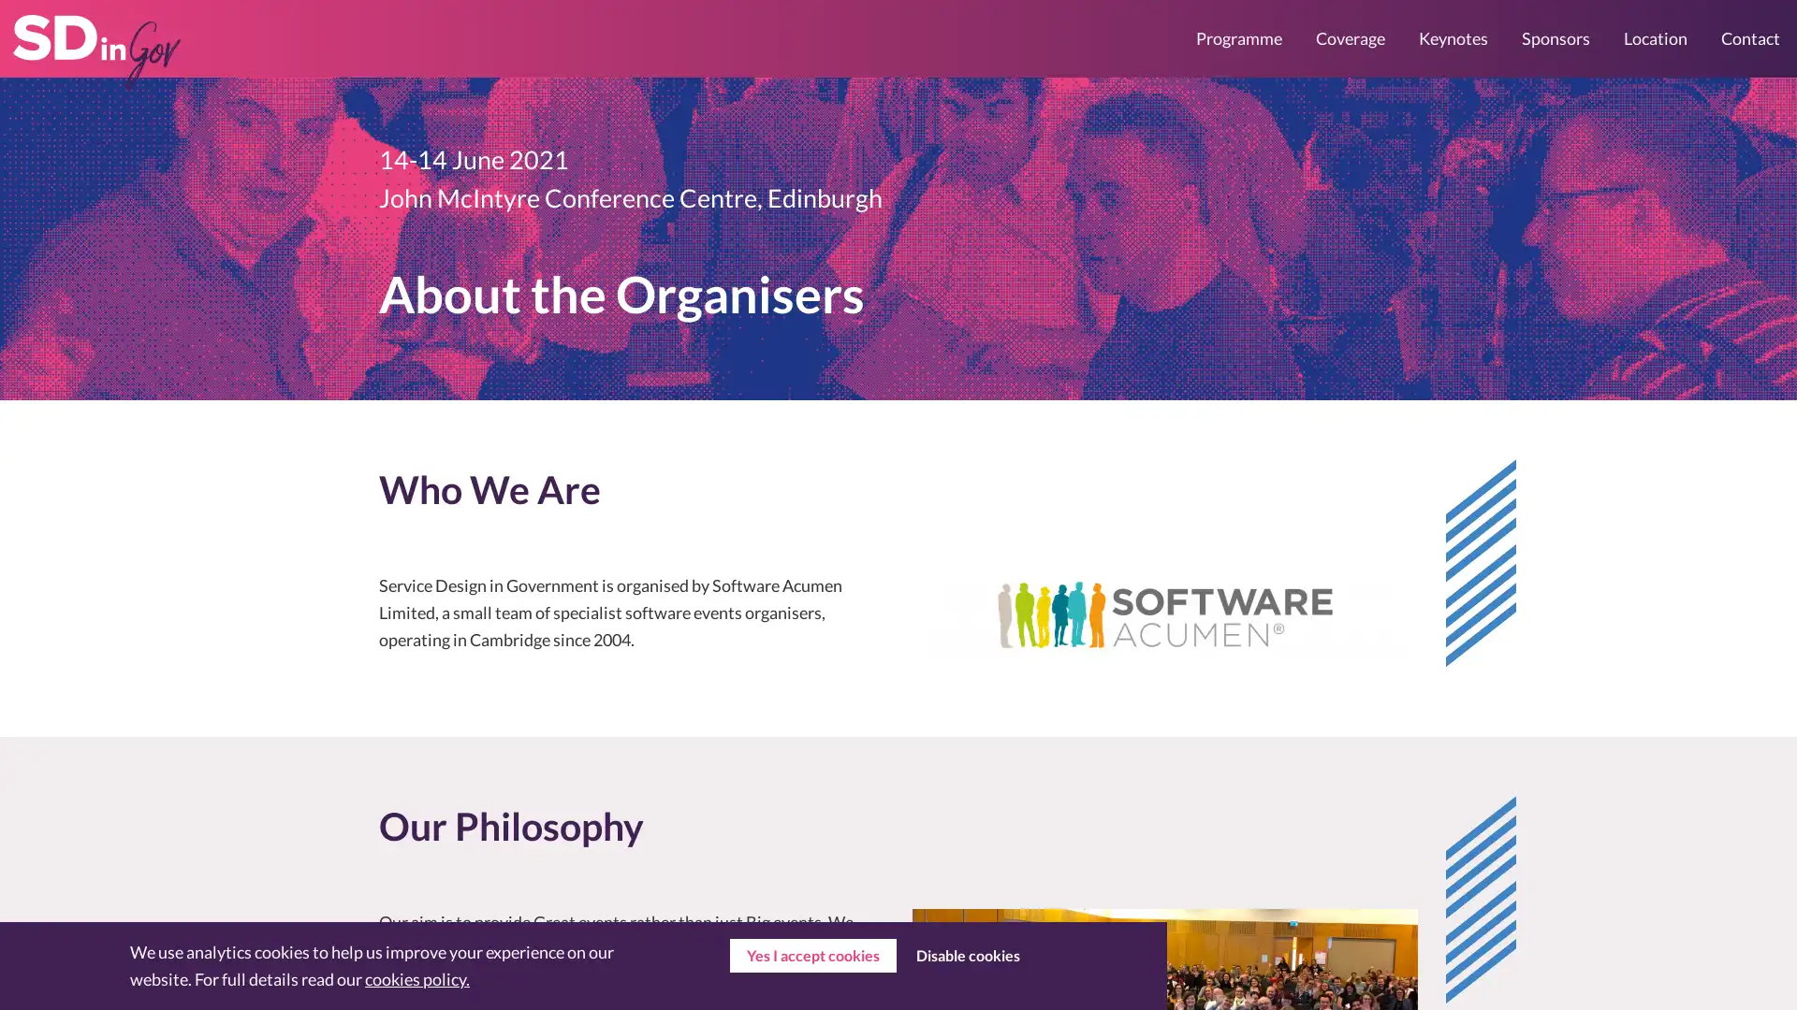 This screenshot has height=1010, width=1797. I want to click on Disable cookies, so click(967, 956).